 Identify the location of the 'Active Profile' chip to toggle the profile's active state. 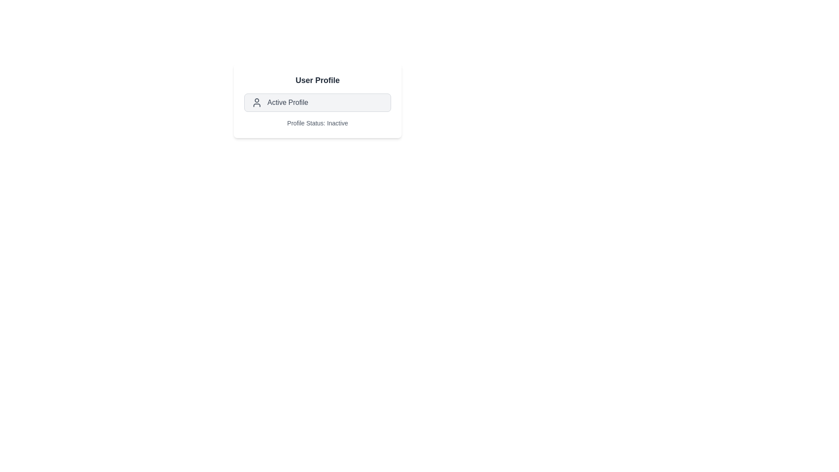
(317, 102).